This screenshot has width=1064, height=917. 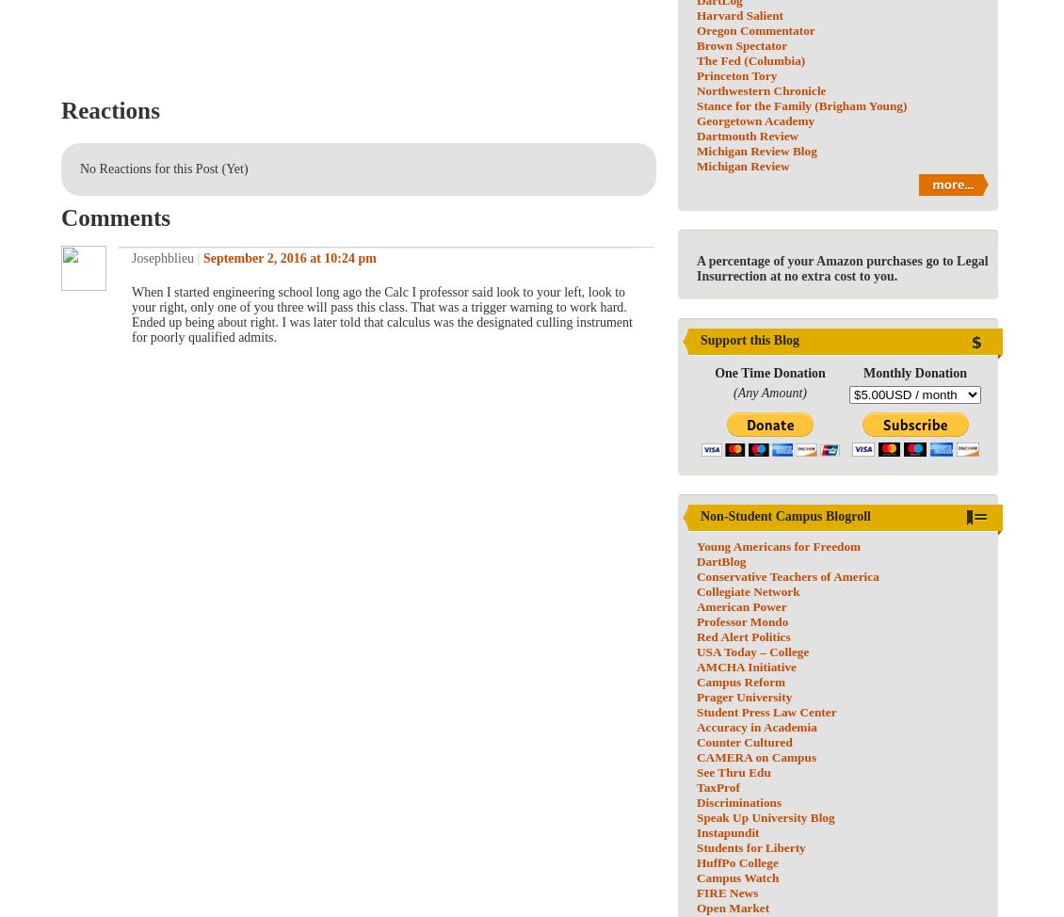 What do you see at coordinates (744, 696) in the screenshot?
I see `'Prager University'` at bounding box center [744, 696].